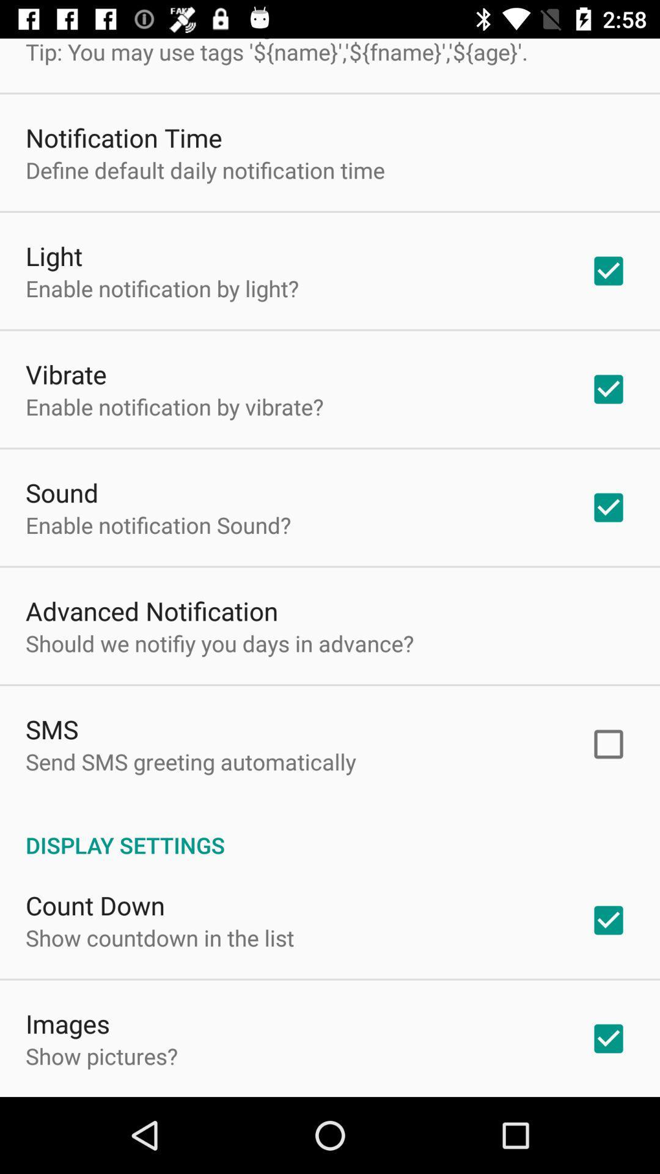  I want to click on icon below the display settings, so click(94, 905).